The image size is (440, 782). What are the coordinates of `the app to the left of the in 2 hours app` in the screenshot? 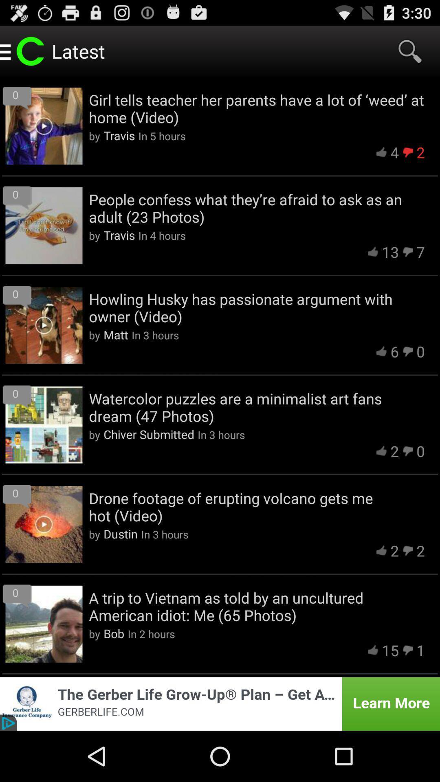 It's located at (114, 633).